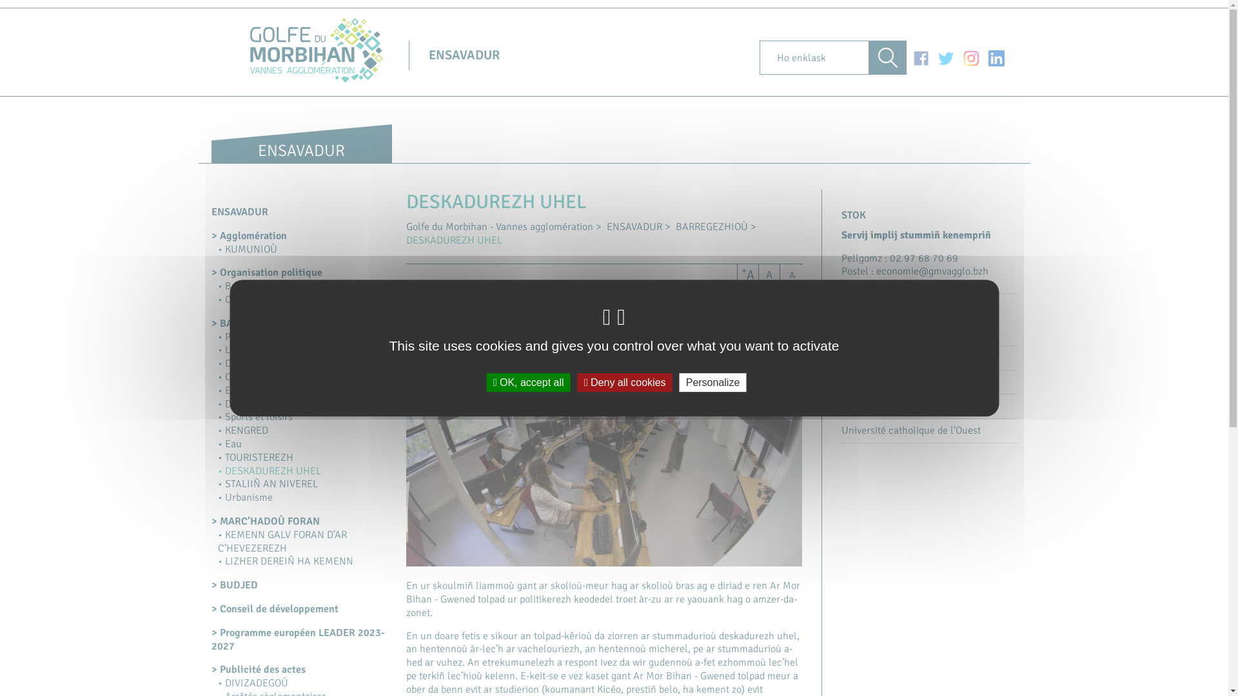 Image resolution: width=1238 pixels, height=696 pixels. What do you see at coordinates (266, 272) in the screenshot?
I see `'Organisation politique'` at bounding box center [266, 272].